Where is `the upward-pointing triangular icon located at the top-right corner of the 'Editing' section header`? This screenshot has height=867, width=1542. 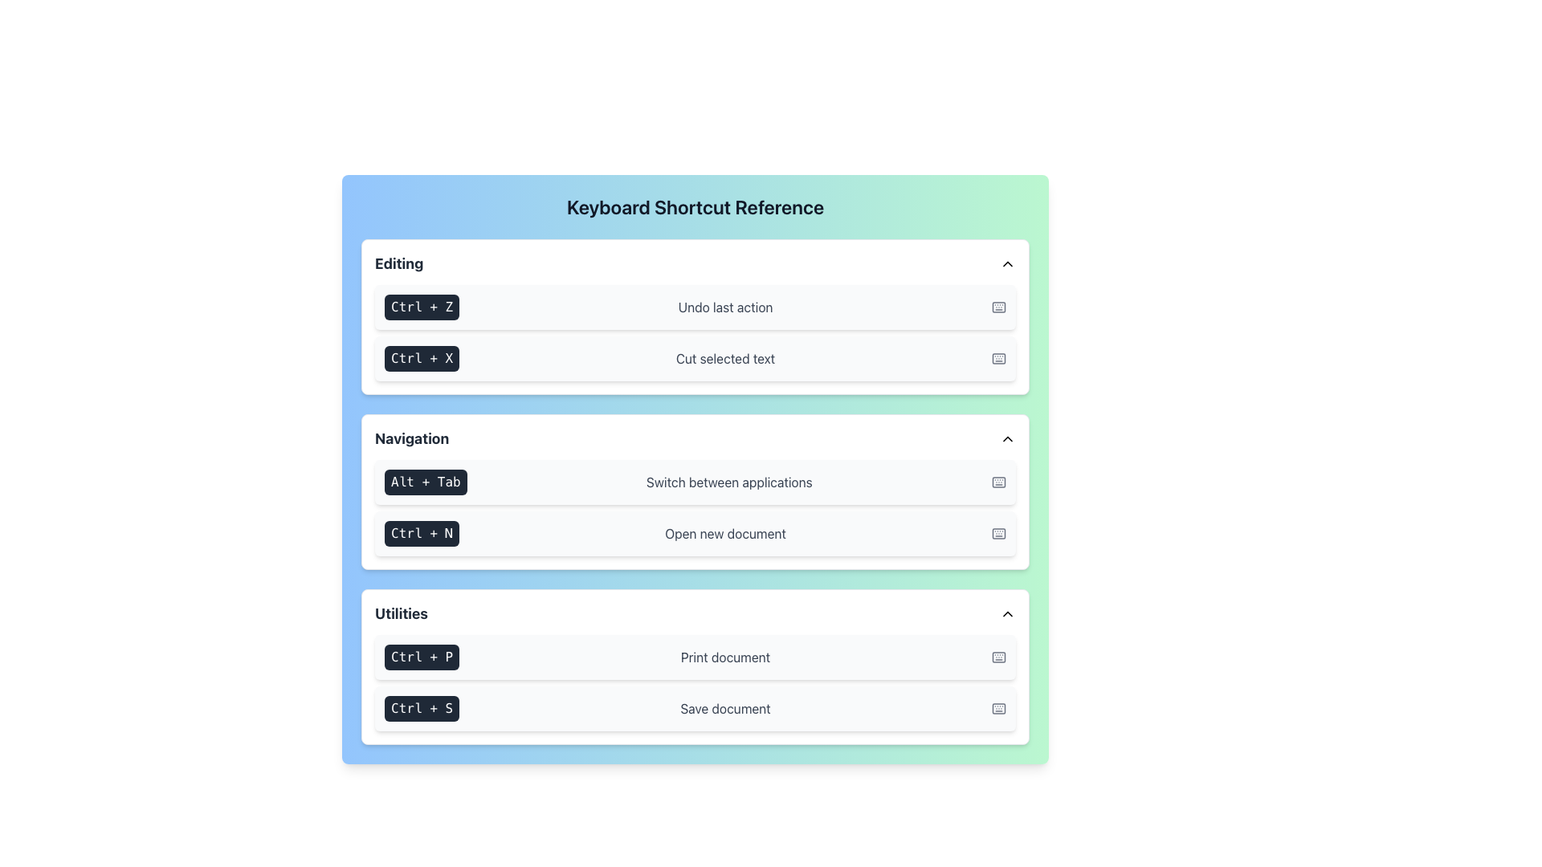 the upward-pointing triangular icon located at the top-right corner of the 'Editing' section header is located at coordinates (1006, 263).